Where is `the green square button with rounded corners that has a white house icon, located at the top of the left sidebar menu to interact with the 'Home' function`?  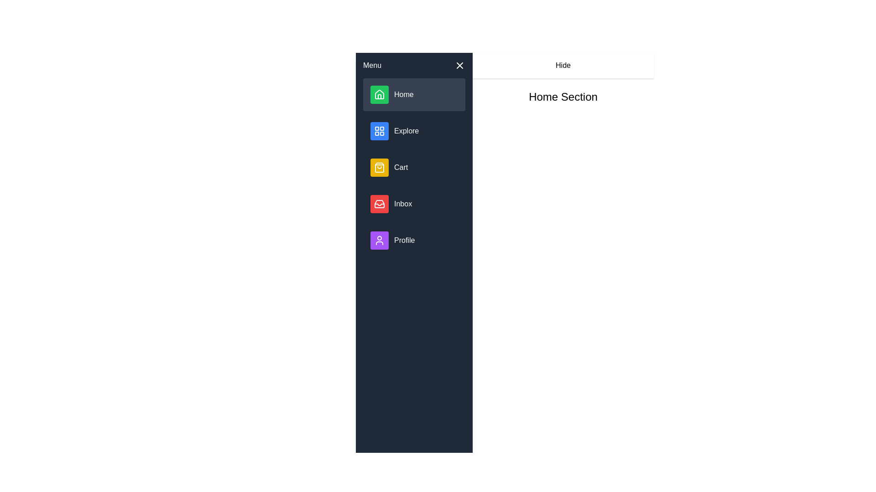 the green square button with rounded corners that has a white house icon, located at the top of the left sidebar menu to interact with the 'Home' function is located at coordinates (379, 95).